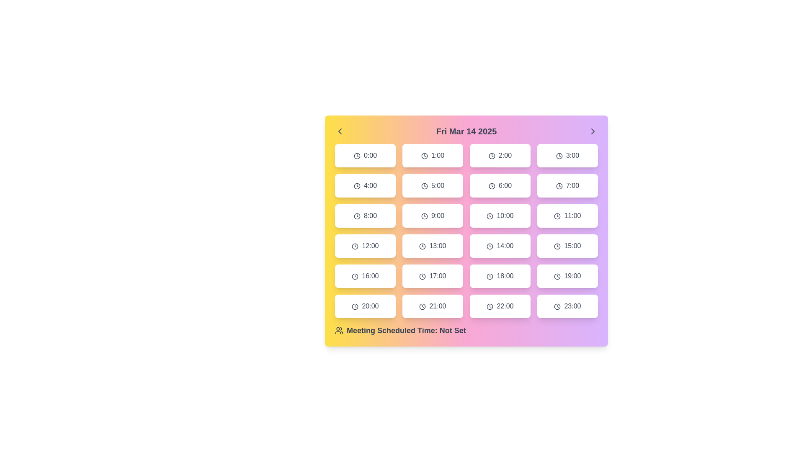 The height and width of the screenshot is (452, 804). I want to click on the SVG Circle element that is part of the clock icon located in the second grid cell of the topmost row in a 6x4 grid layout, so click(424, 156).